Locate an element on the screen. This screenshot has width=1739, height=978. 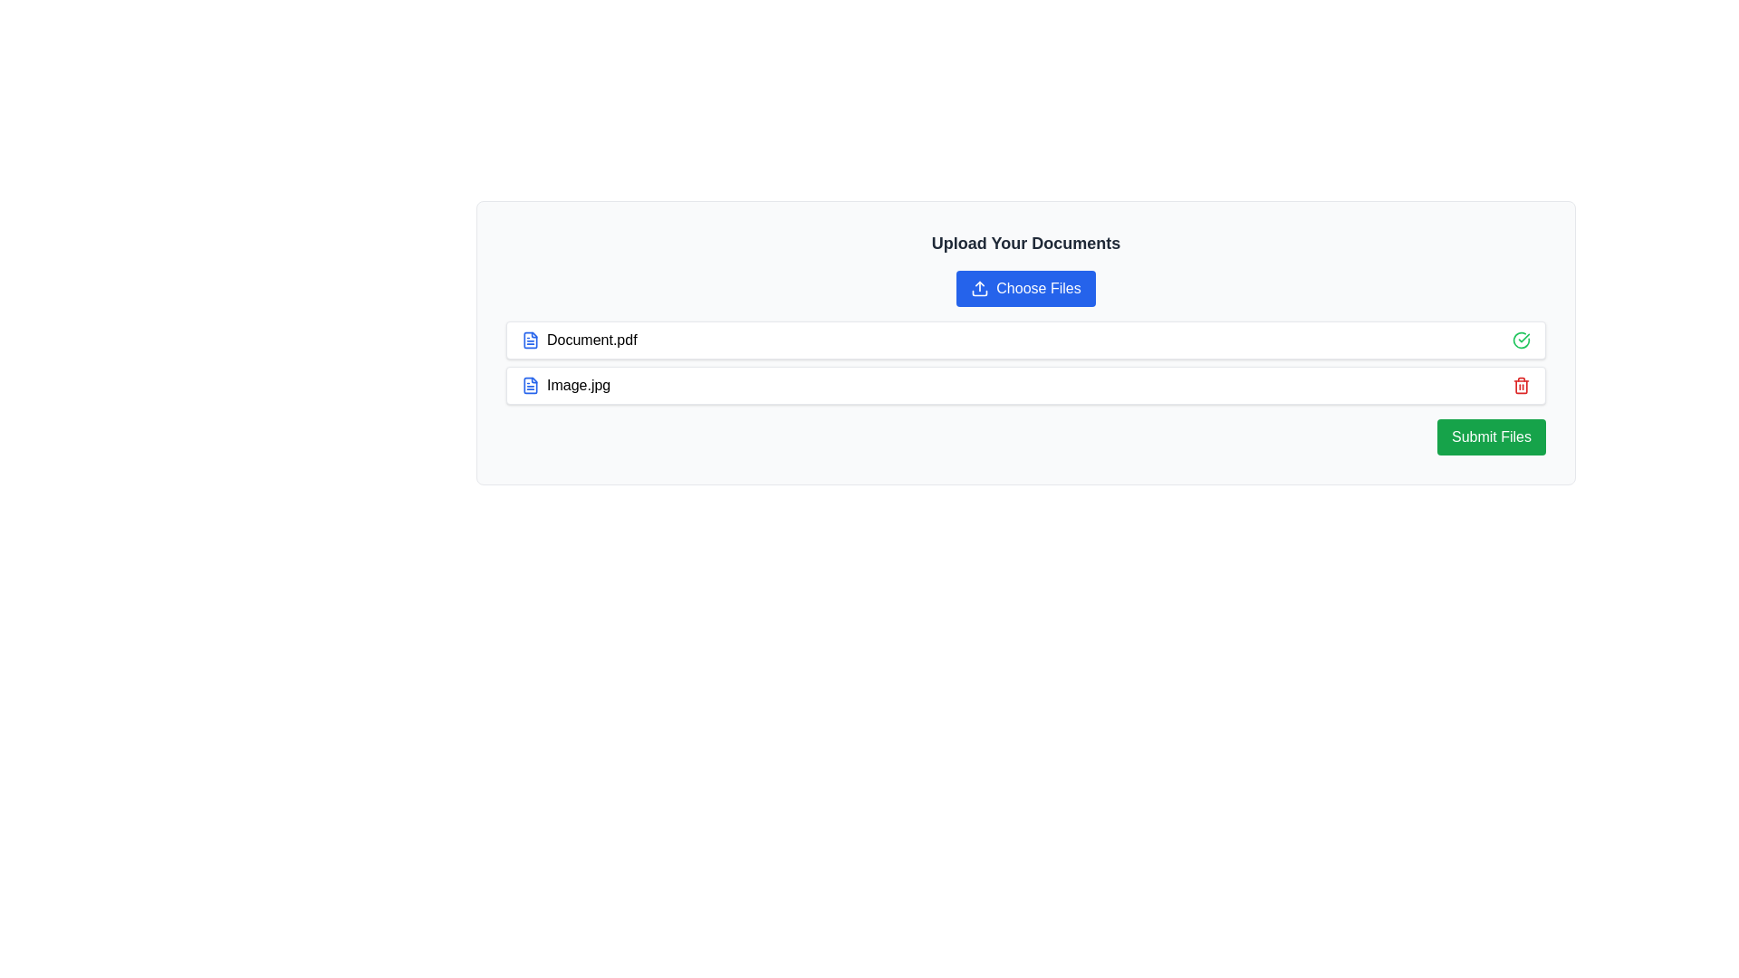
the main rectangular portion of the document icon located in the middle-right of the file upload section is located at coordinates (529, 340).